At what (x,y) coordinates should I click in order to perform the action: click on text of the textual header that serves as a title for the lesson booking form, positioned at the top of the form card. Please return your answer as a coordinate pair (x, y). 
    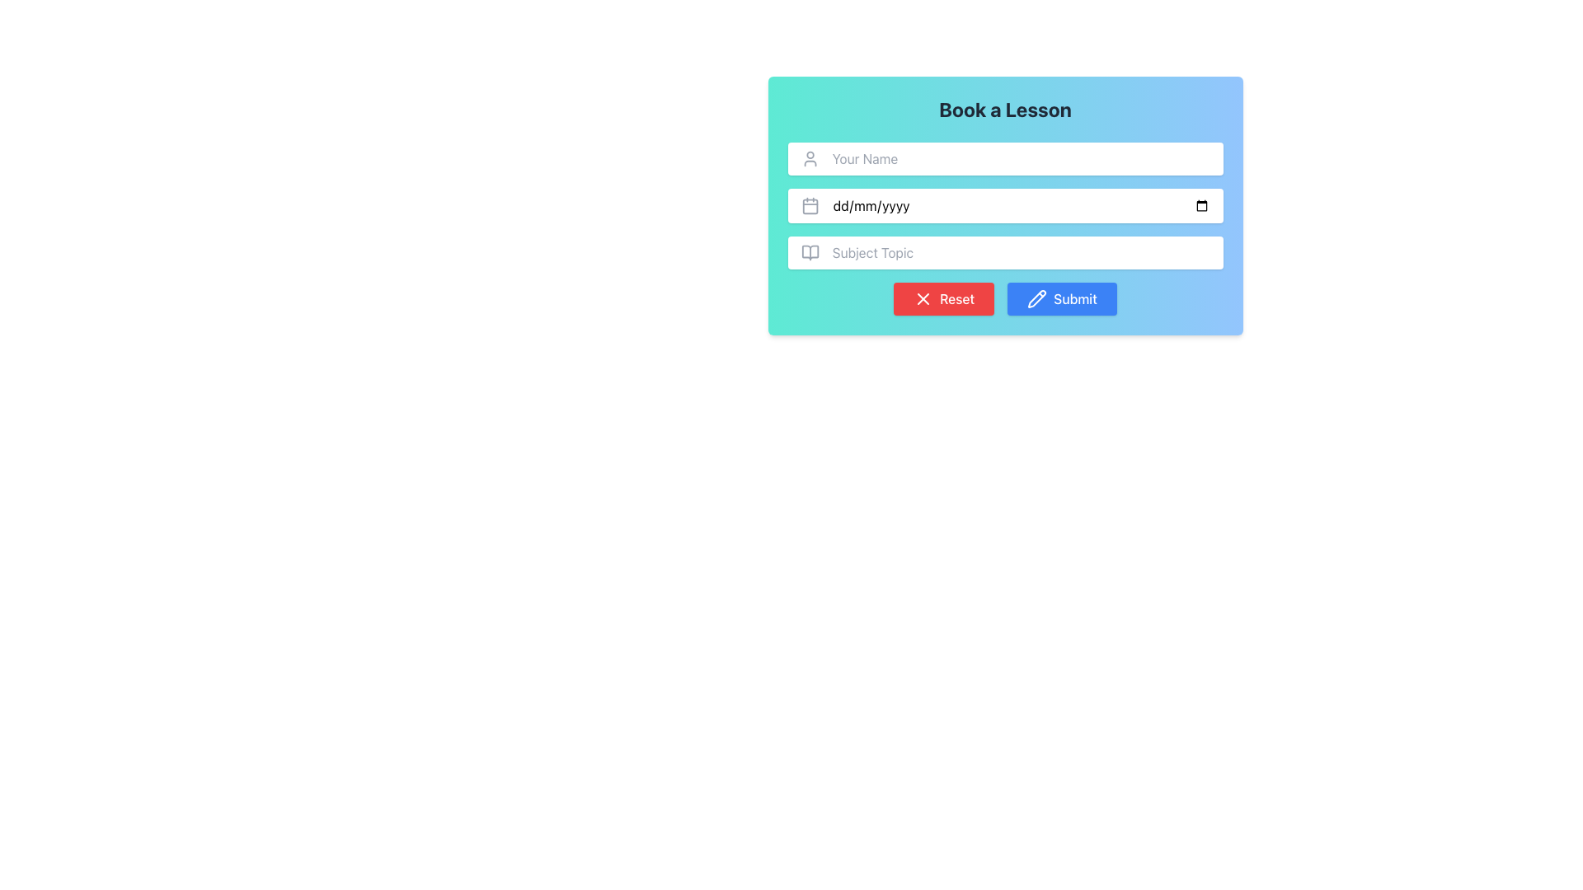
    Looking at the image, I should click on (1004, 109).